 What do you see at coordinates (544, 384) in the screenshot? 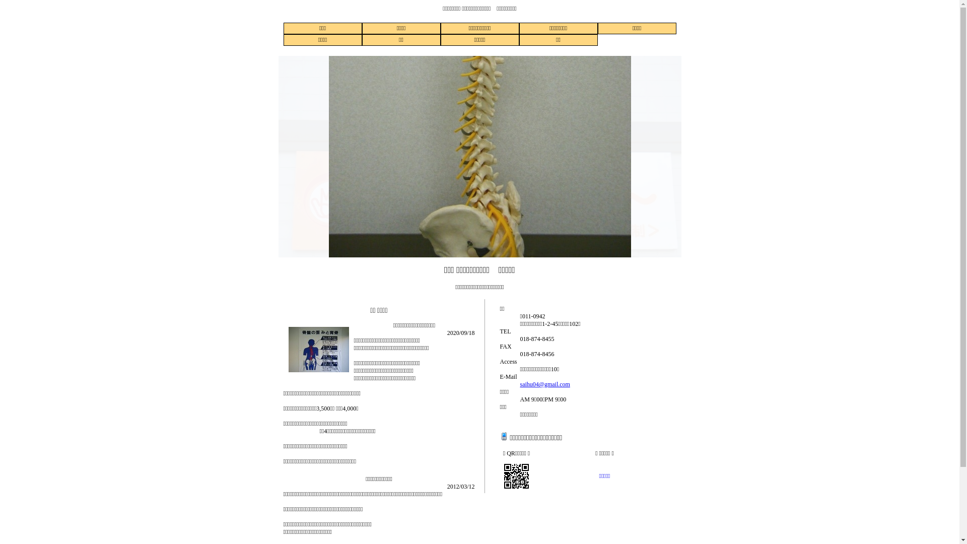
I see `'saihu04@gmail.com'` at bounding box center [544, 384].